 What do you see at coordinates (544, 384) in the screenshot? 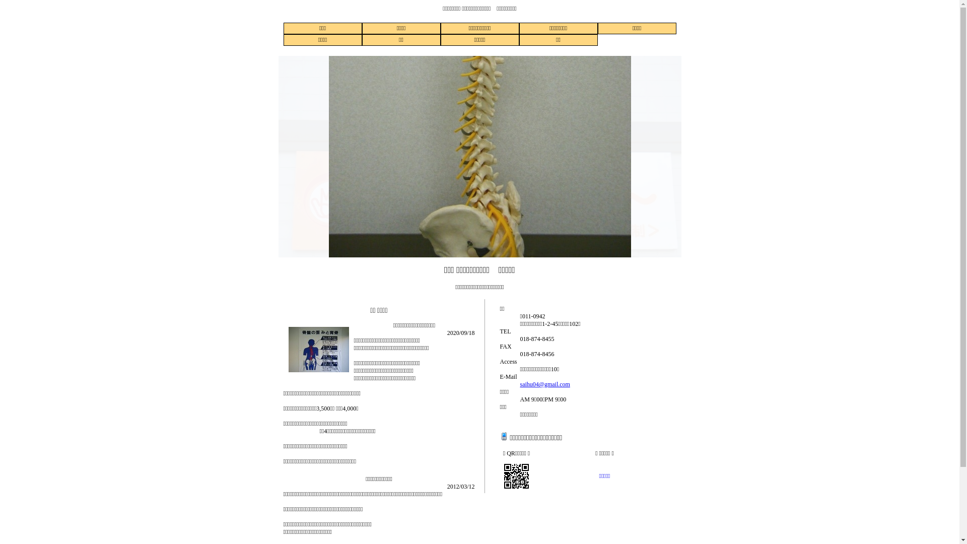
I see `'saihu04@gmail.com'` at bounding box center [544, 384].